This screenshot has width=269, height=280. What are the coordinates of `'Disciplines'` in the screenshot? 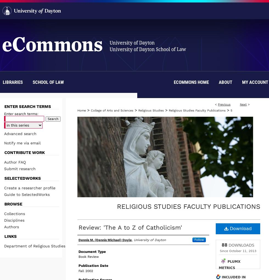 It's located at (4, 220).